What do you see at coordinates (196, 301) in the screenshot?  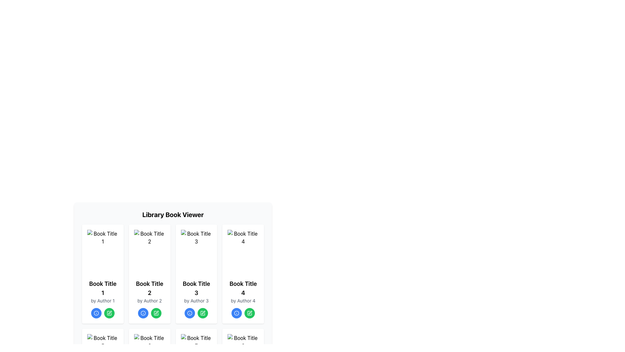 I see `the Text Label indicating the author of 'Book Title 3', which is located beneath the title and above interactive buttons` at bounding box center [196, 301].